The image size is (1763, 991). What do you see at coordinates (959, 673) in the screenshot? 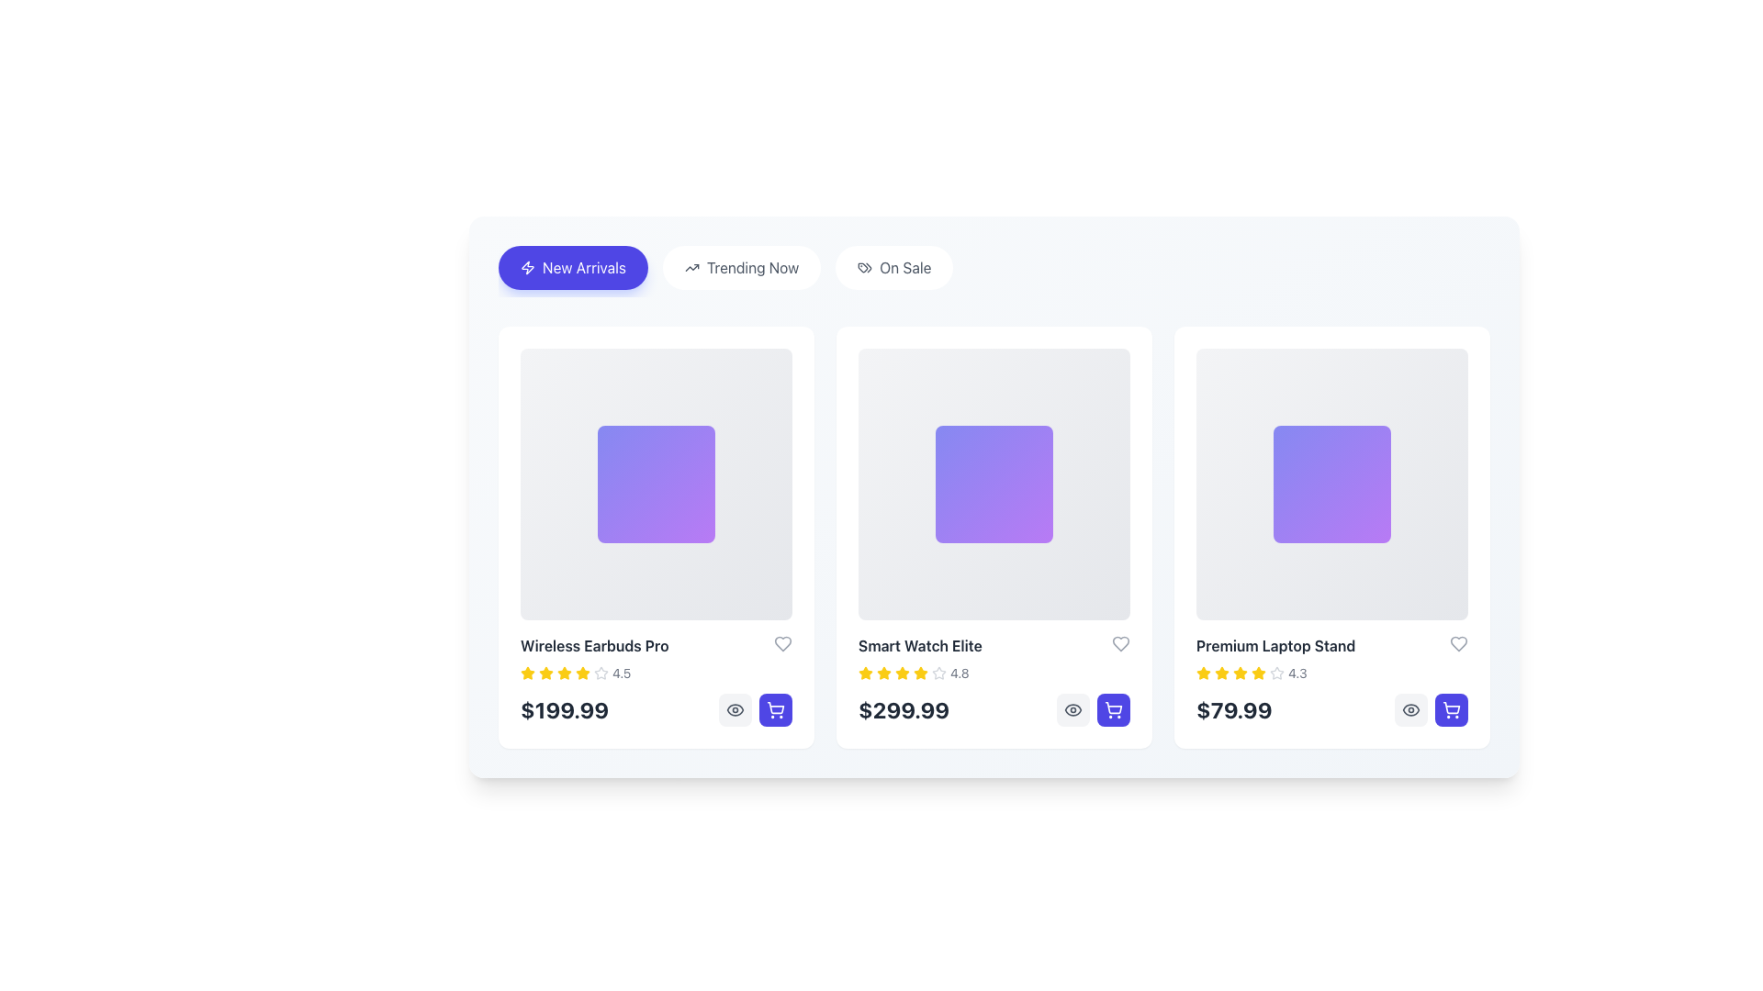
I see `the text label displaying '4.8', which indicates the rating score associated with the stars next to the product 'Smart Watch Elite'` at bounding box center [959, 673].